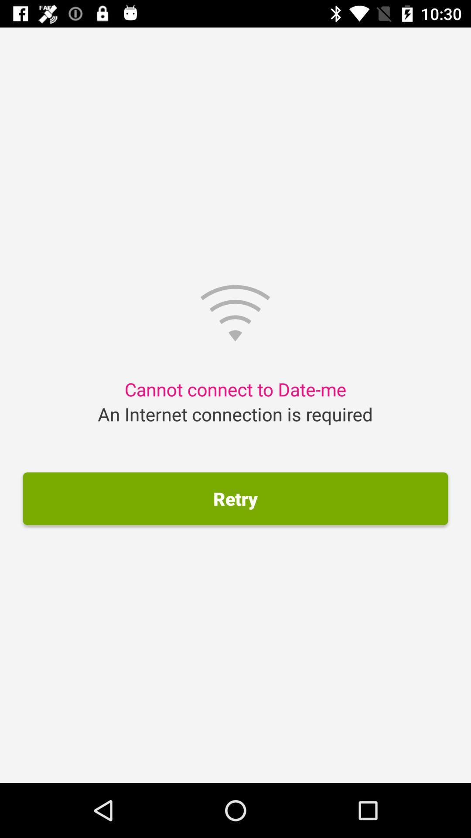 The height and width of the screenshot is (838, 471). What do you see at coordinates (235, 498) in the screenshot?
I see `item below an internet connection icon` at bounding box center [235, 498].